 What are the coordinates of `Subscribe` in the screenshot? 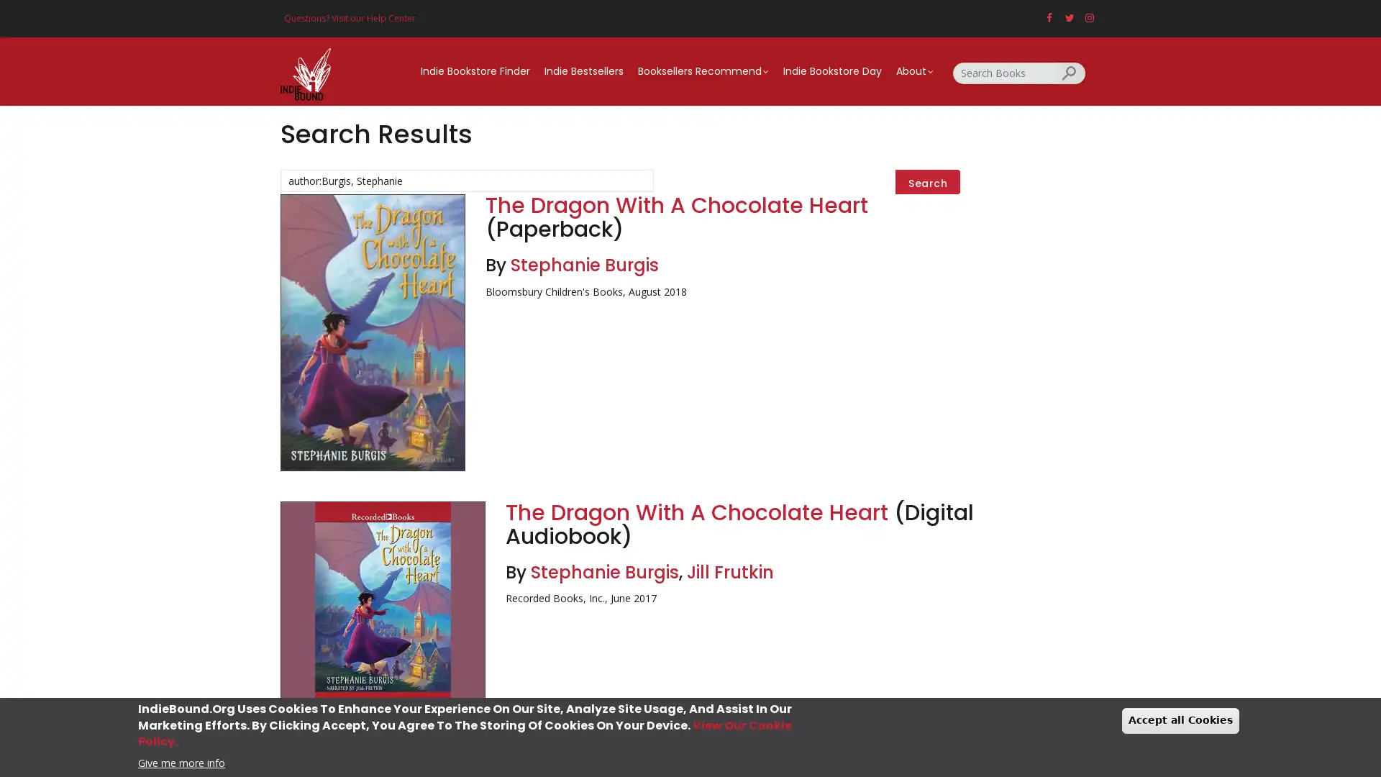 It's located at (690, 496).